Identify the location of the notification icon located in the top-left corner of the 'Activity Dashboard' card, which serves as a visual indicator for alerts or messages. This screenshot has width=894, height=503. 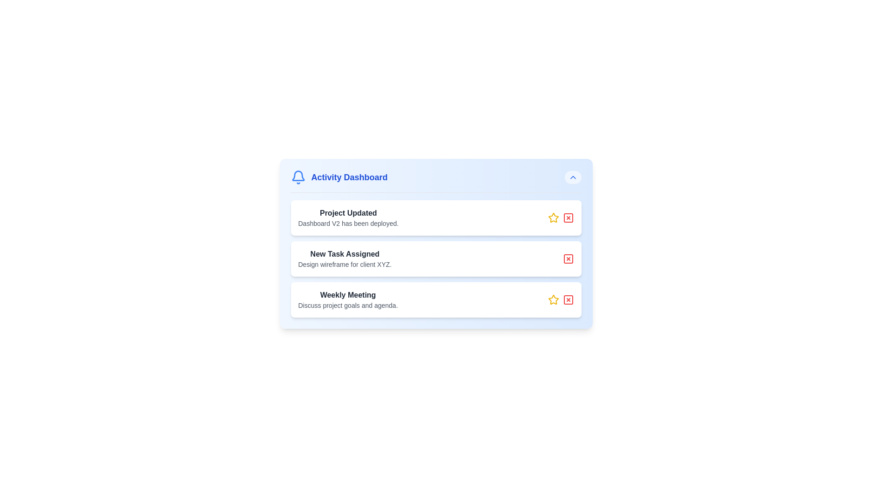
(298, 176).